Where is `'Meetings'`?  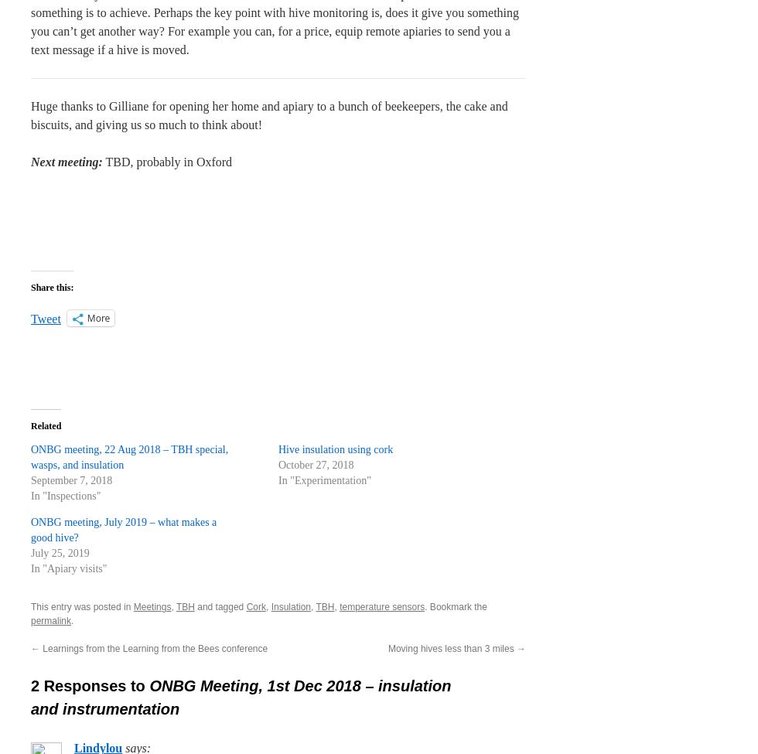 'Meetings' is located at coordinates (152, 606).